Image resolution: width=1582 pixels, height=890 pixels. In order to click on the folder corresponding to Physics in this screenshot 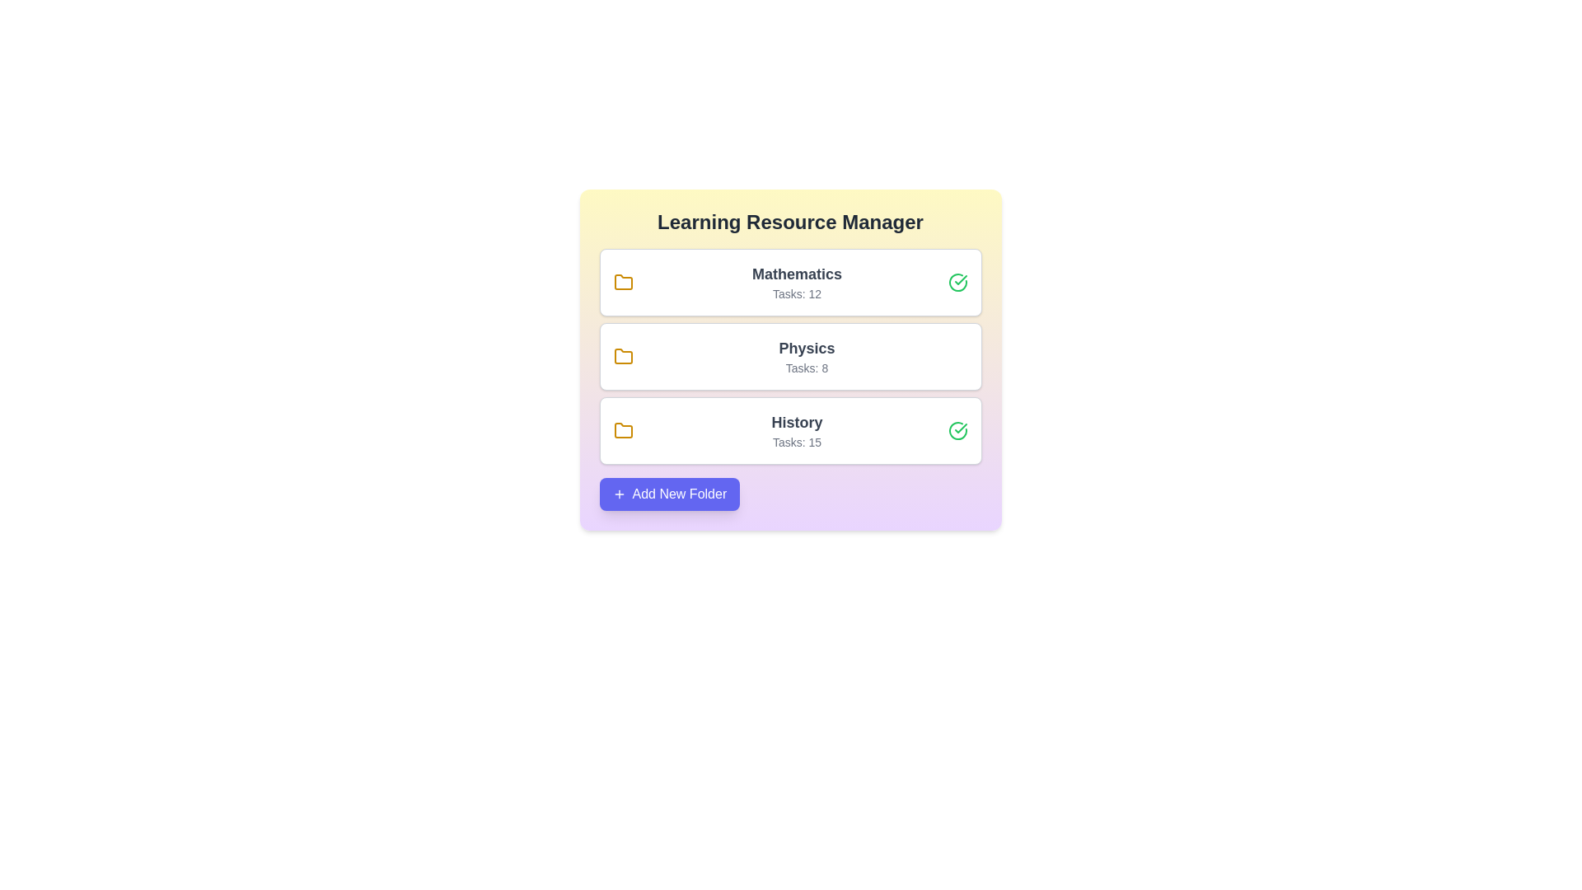, I will do `click(789, 355)`.